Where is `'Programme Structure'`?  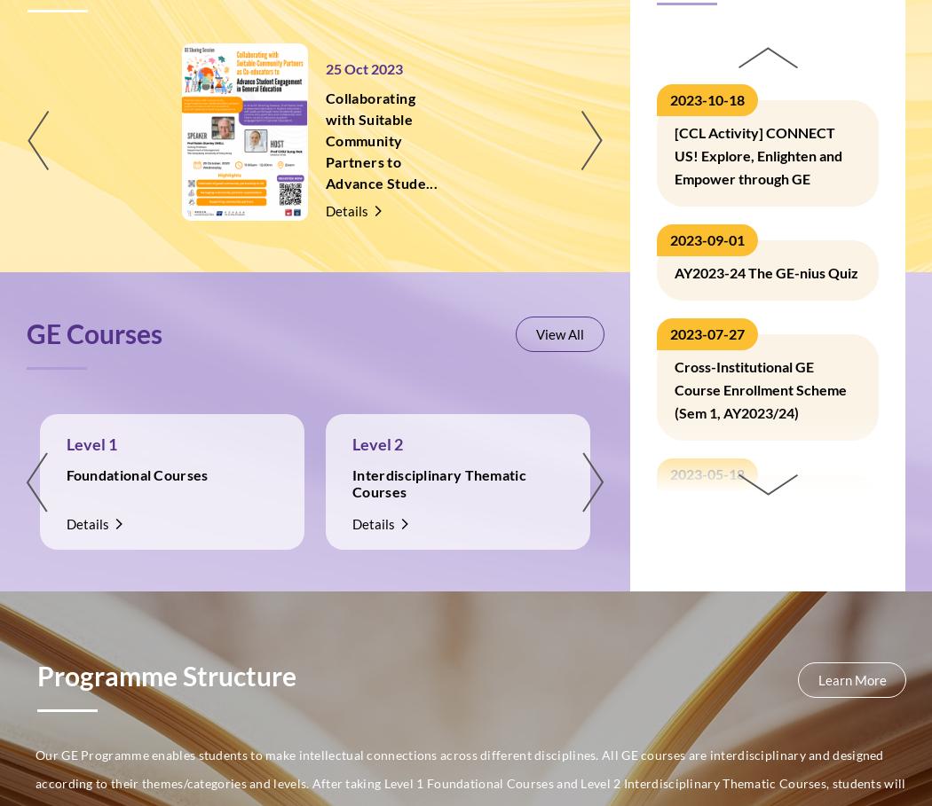
'Programme Structure' is located at coordinates (166, 676).